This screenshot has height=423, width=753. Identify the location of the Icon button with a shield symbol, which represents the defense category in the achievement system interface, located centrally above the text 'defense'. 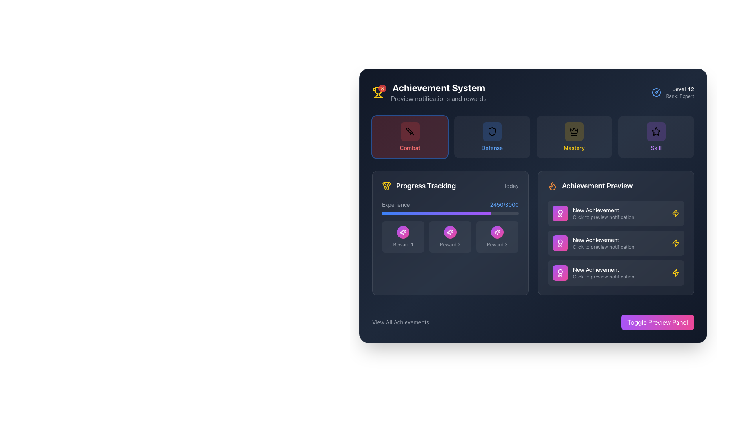
(491, 131).